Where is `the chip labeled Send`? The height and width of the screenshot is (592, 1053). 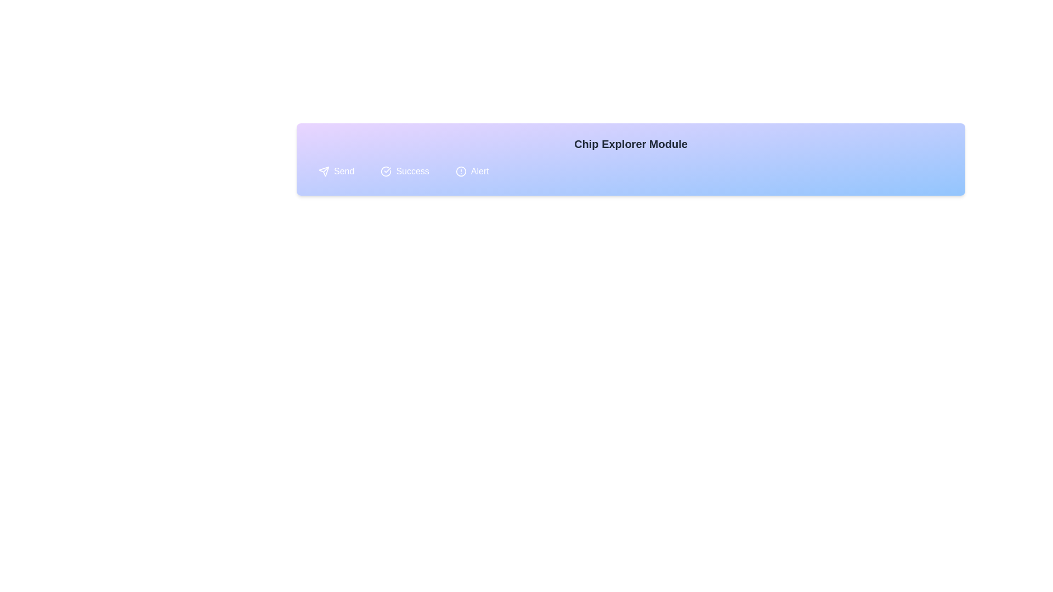
the chip labeled Send is located at coordinates (336, 171).